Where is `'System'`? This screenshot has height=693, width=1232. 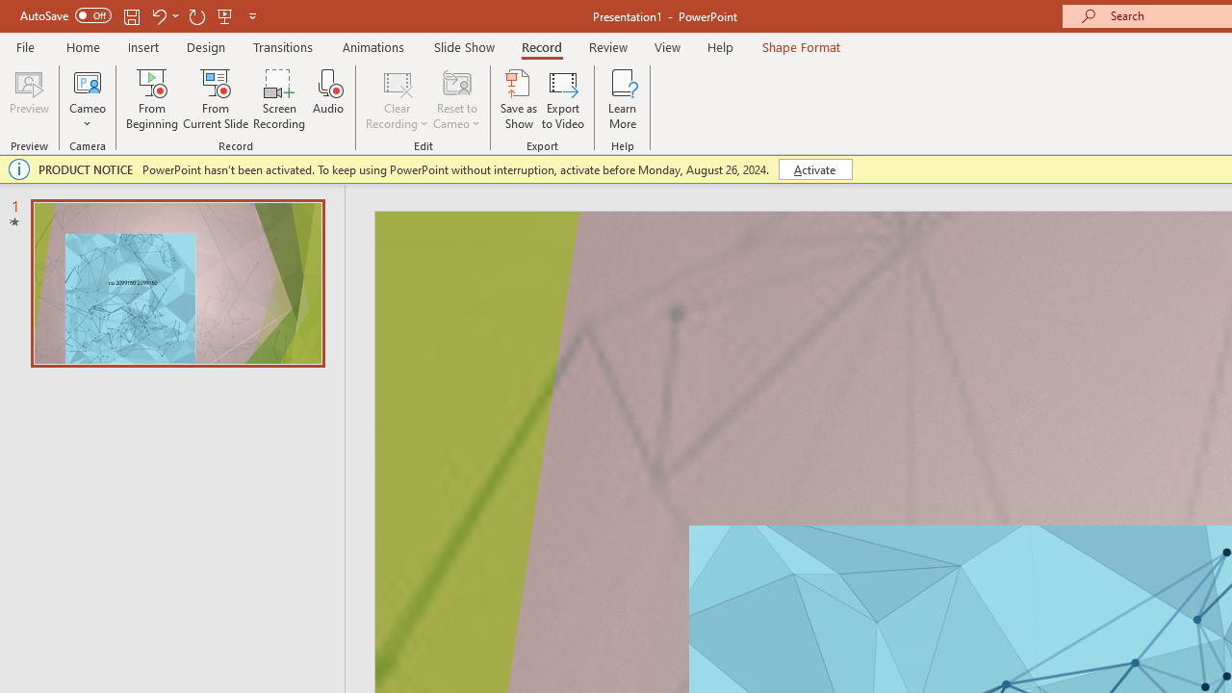 'System' is located at coordinates (10, 11).